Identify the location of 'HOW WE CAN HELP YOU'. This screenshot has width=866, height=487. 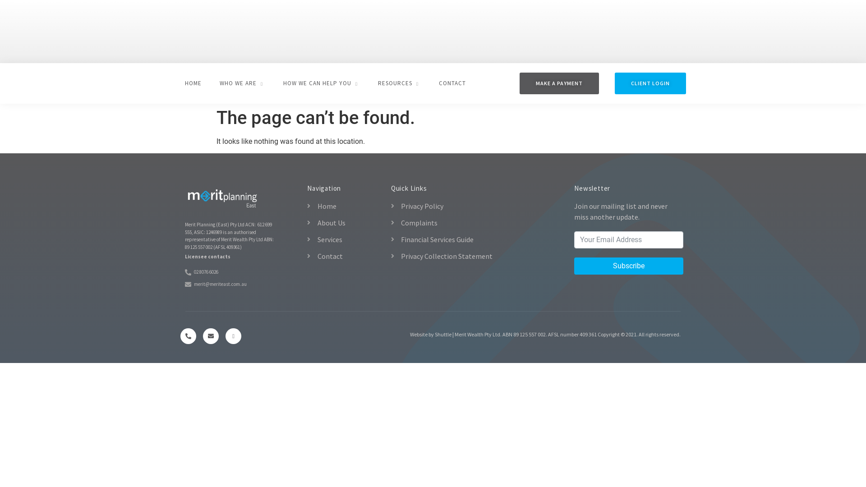
(322, 83).